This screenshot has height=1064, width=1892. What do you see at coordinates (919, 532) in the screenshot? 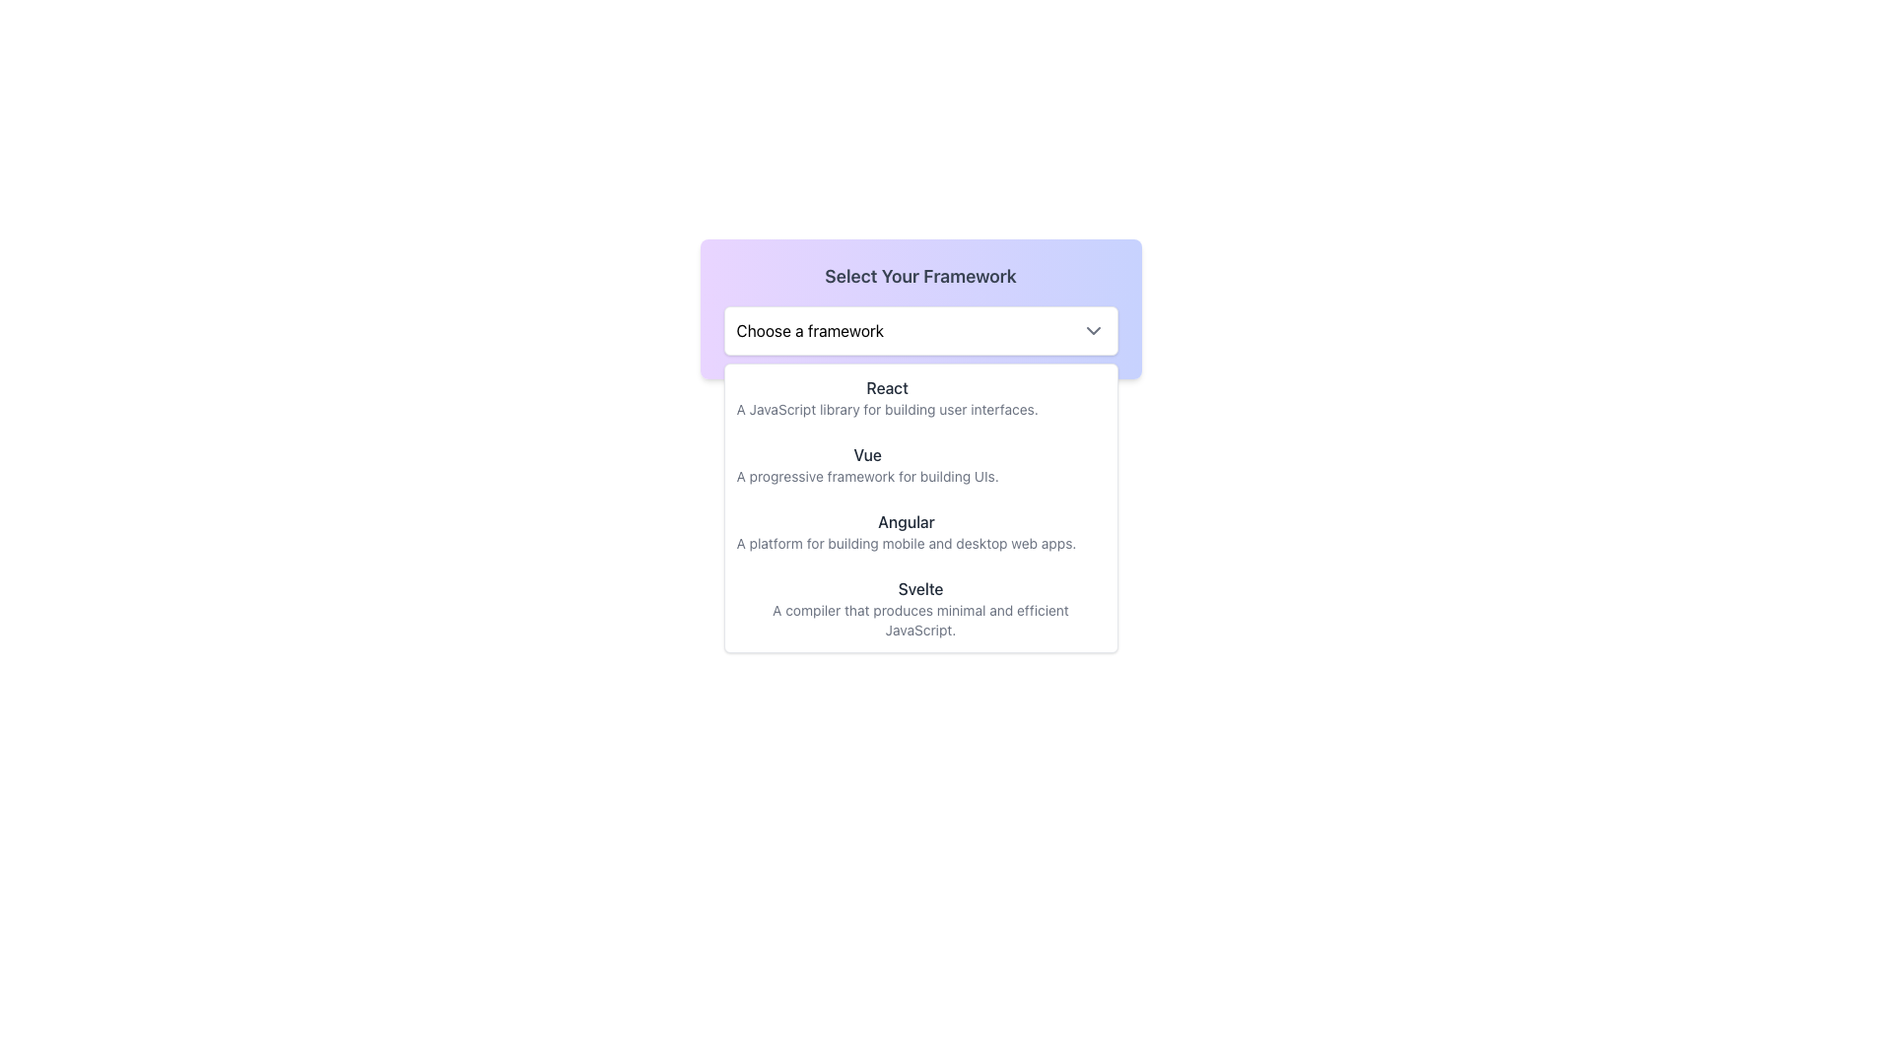
I see `the third item in the dropdown menu titled 'Angular'` at bounding box center [919, 532].